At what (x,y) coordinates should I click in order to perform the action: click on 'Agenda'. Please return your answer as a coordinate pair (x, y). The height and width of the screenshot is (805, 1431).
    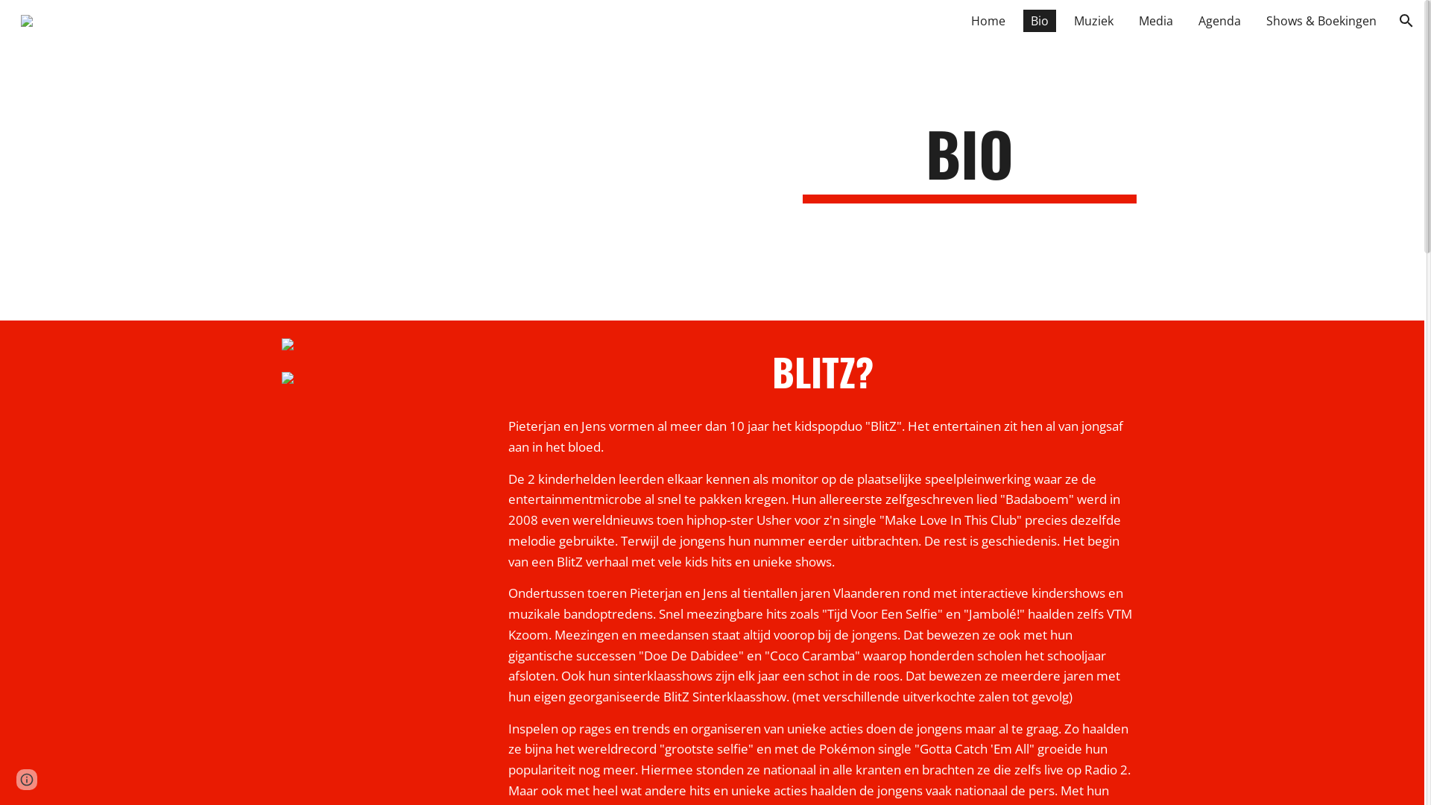
    Looking at the image, I should click on (1219, 20).